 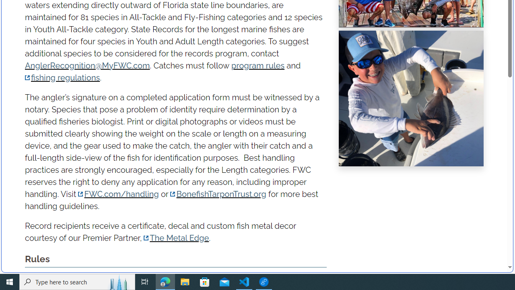 I want to click on 'fishing regulations', so click(x=62, y=77).